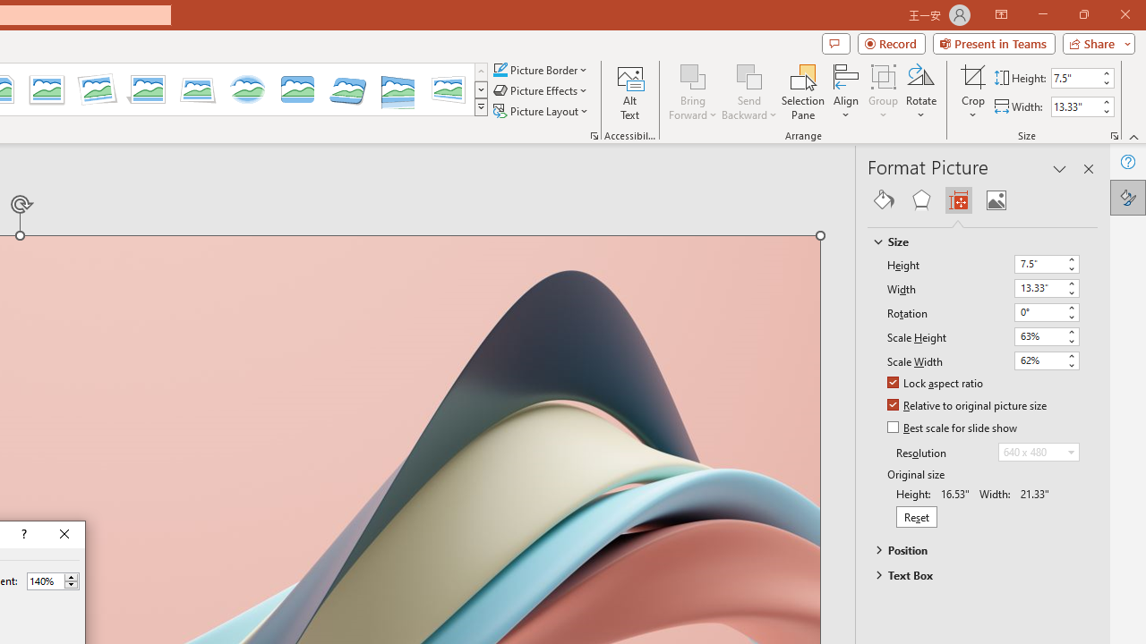  I want to click on 'Picture Layout', so click(542, 111).